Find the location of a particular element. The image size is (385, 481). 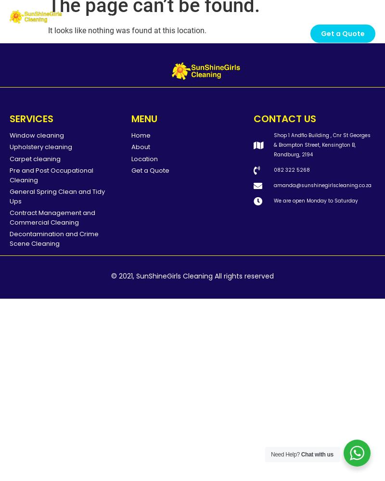

'Need Help?' is located at coordinates (270, 454).